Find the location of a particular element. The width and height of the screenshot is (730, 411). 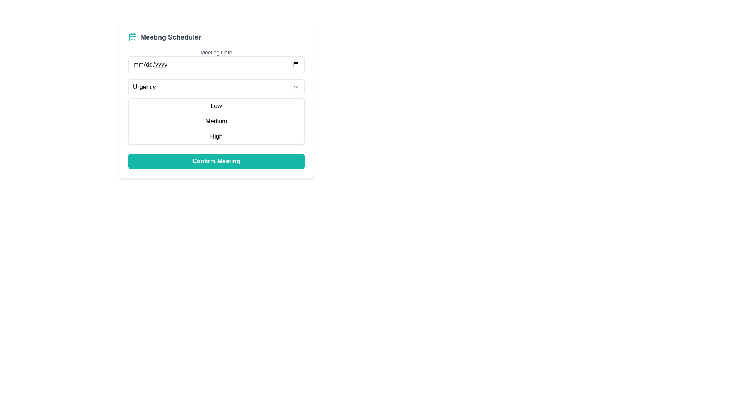

a date using the calendar picker from the Date input field located in the 'Meeting Scheduler' form card, which is the first input component below the title and above the 'Urgency' form group is located at coordinates (216, 60).